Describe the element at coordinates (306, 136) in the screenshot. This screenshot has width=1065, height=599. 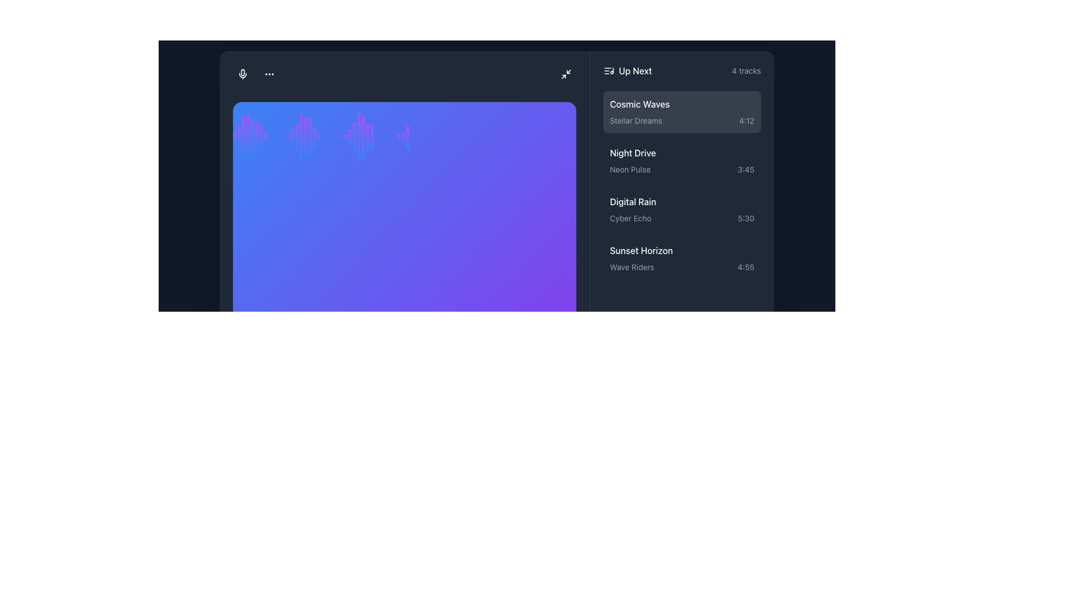
I see `the 17th vertical waveform bar, which is characterized by a gradient color scheme transitioning from blue at the base to purple at the top, making it taller than the adjacent bars` at that location.